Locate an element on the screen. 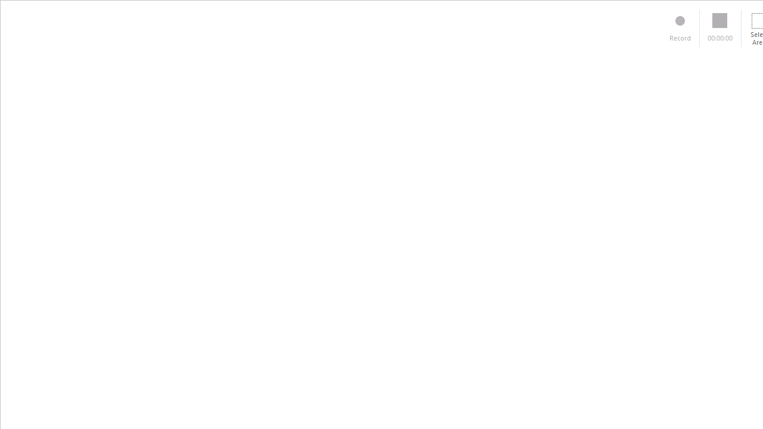 The image size is (763, 429). '00:00:00' is located at coordinates (719, 27).